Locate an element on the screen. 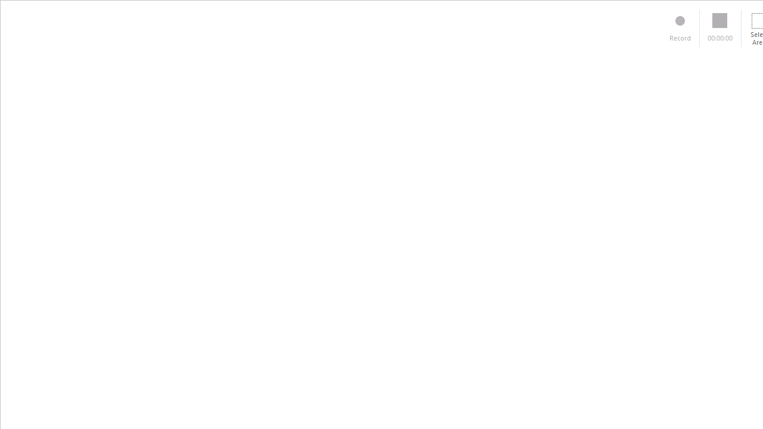 The image size is (763, 429). '00:00:00' is located at coordinates (719, 27).